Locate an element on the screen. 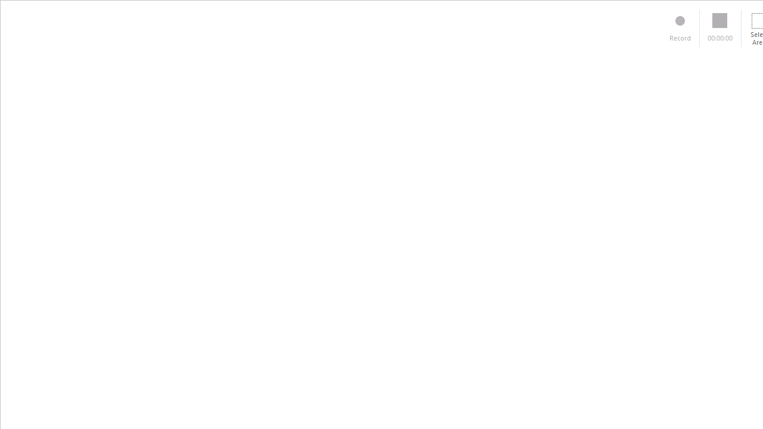 The image size is (763, 429). '00:00:00' is located at coordinates (719, 27).